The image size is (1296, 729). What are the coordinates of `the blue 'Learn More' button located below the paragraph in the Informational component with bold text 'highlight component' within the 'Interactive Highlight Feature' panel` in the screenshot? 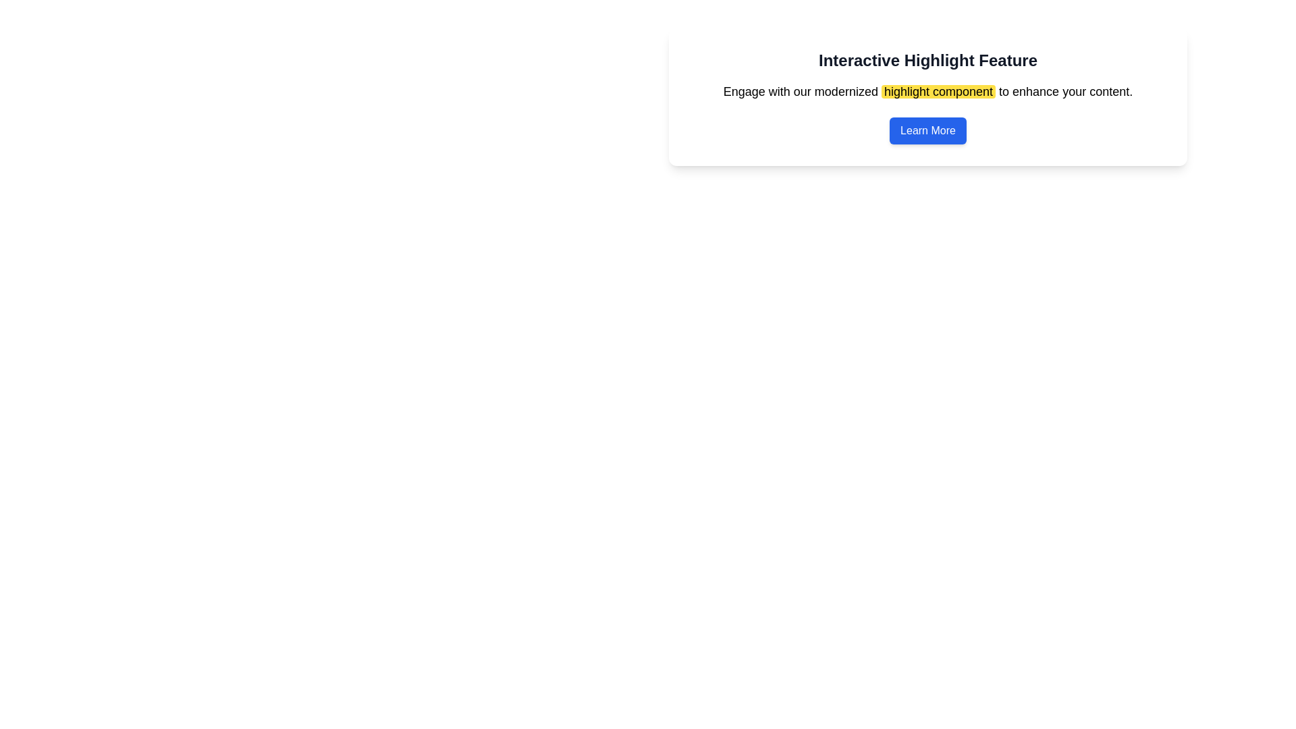 It's located at (927, 113).